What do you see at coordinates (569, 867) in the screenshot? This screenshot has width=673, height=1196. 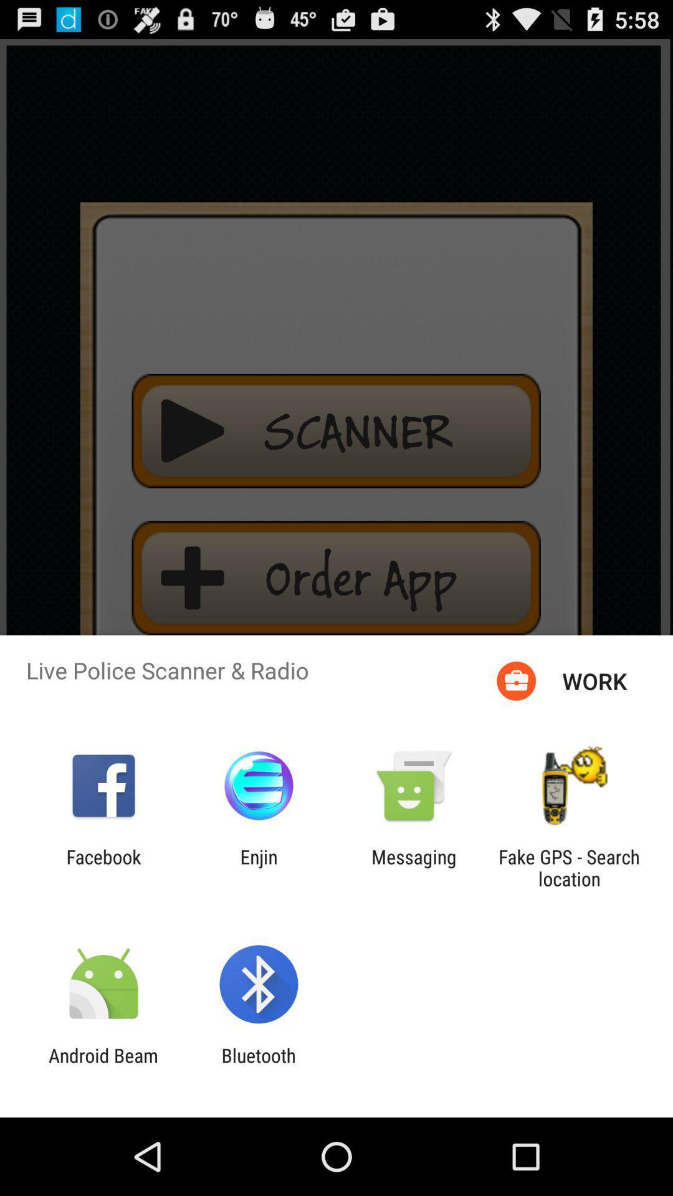 I see `the fake gps search` at bounding box center [569, 867].